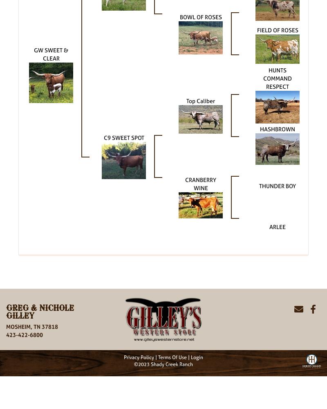 The height and width of the screenshot is (409, 327). What do you see at coordinates (40, 312) in the screenshot?
I see `'Greg & Nichole Gilley'` at bounding box center [40, 312].